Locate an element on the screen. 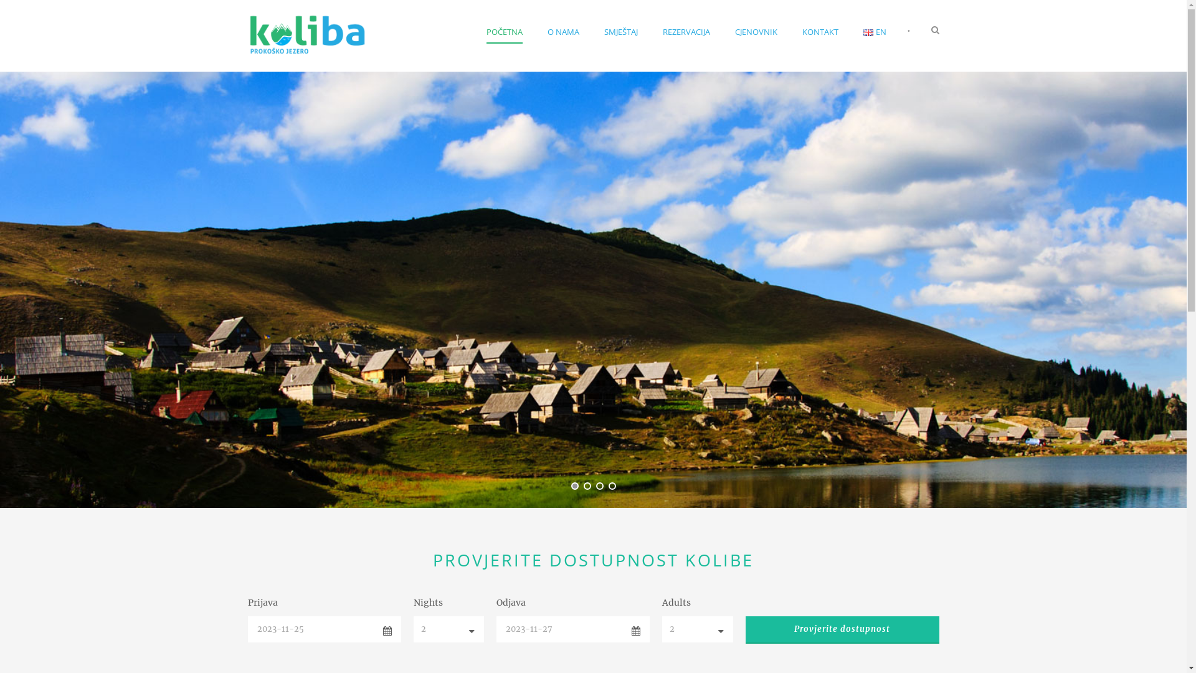  'EN' is located at coordinates (867, 32).